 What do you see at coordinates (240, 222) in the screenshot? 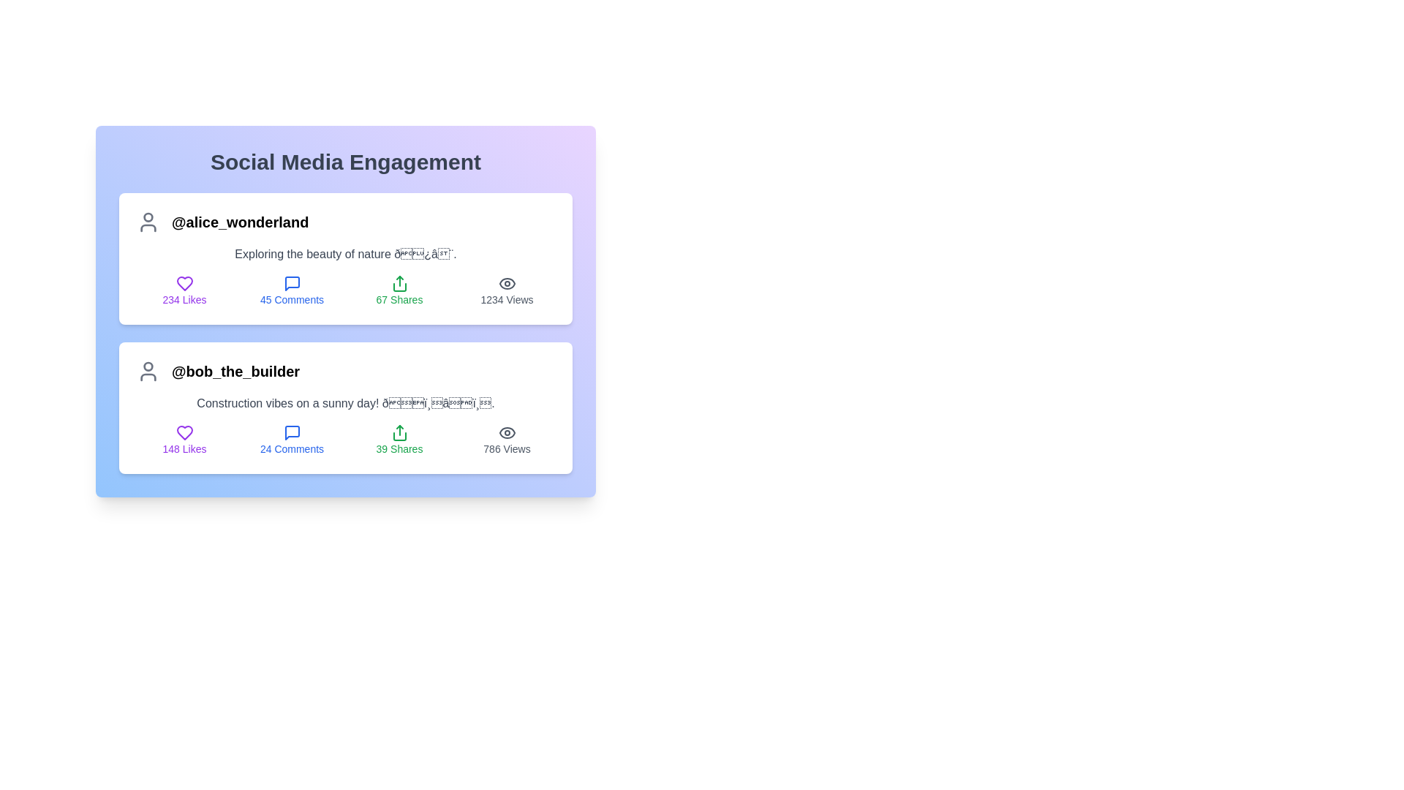
I see `the username display text label that shows the associated user's name, positioned to the right of the profile icon and above the post's description` at bounding box center [240, 222].